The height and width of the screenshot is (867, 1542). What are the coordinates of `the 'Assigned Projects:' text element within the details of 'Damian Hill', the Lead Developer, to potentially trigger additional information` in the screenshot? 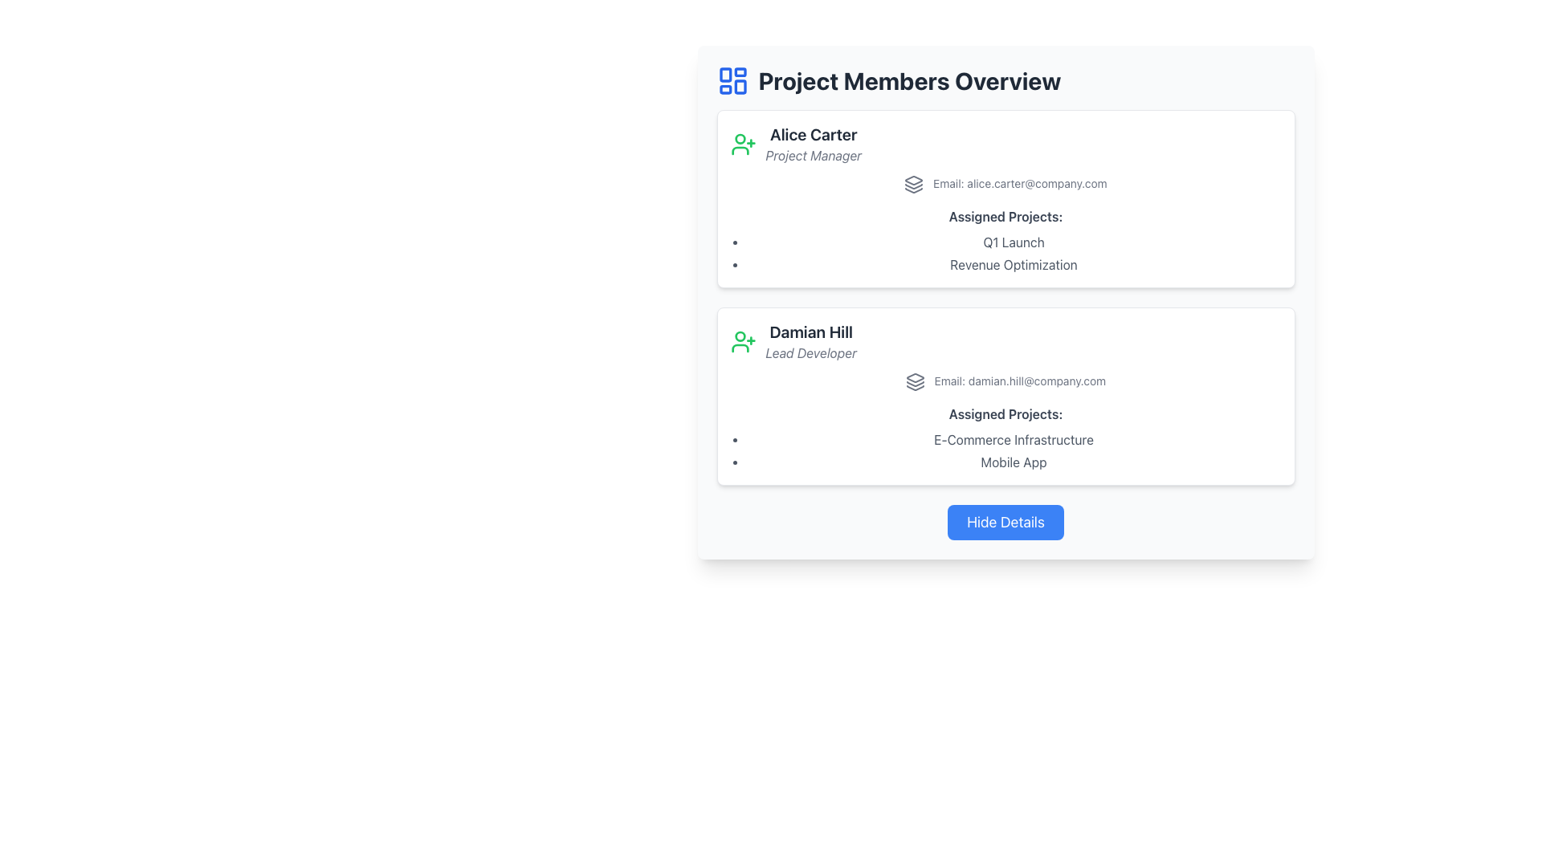 It's located at (1005, 438).